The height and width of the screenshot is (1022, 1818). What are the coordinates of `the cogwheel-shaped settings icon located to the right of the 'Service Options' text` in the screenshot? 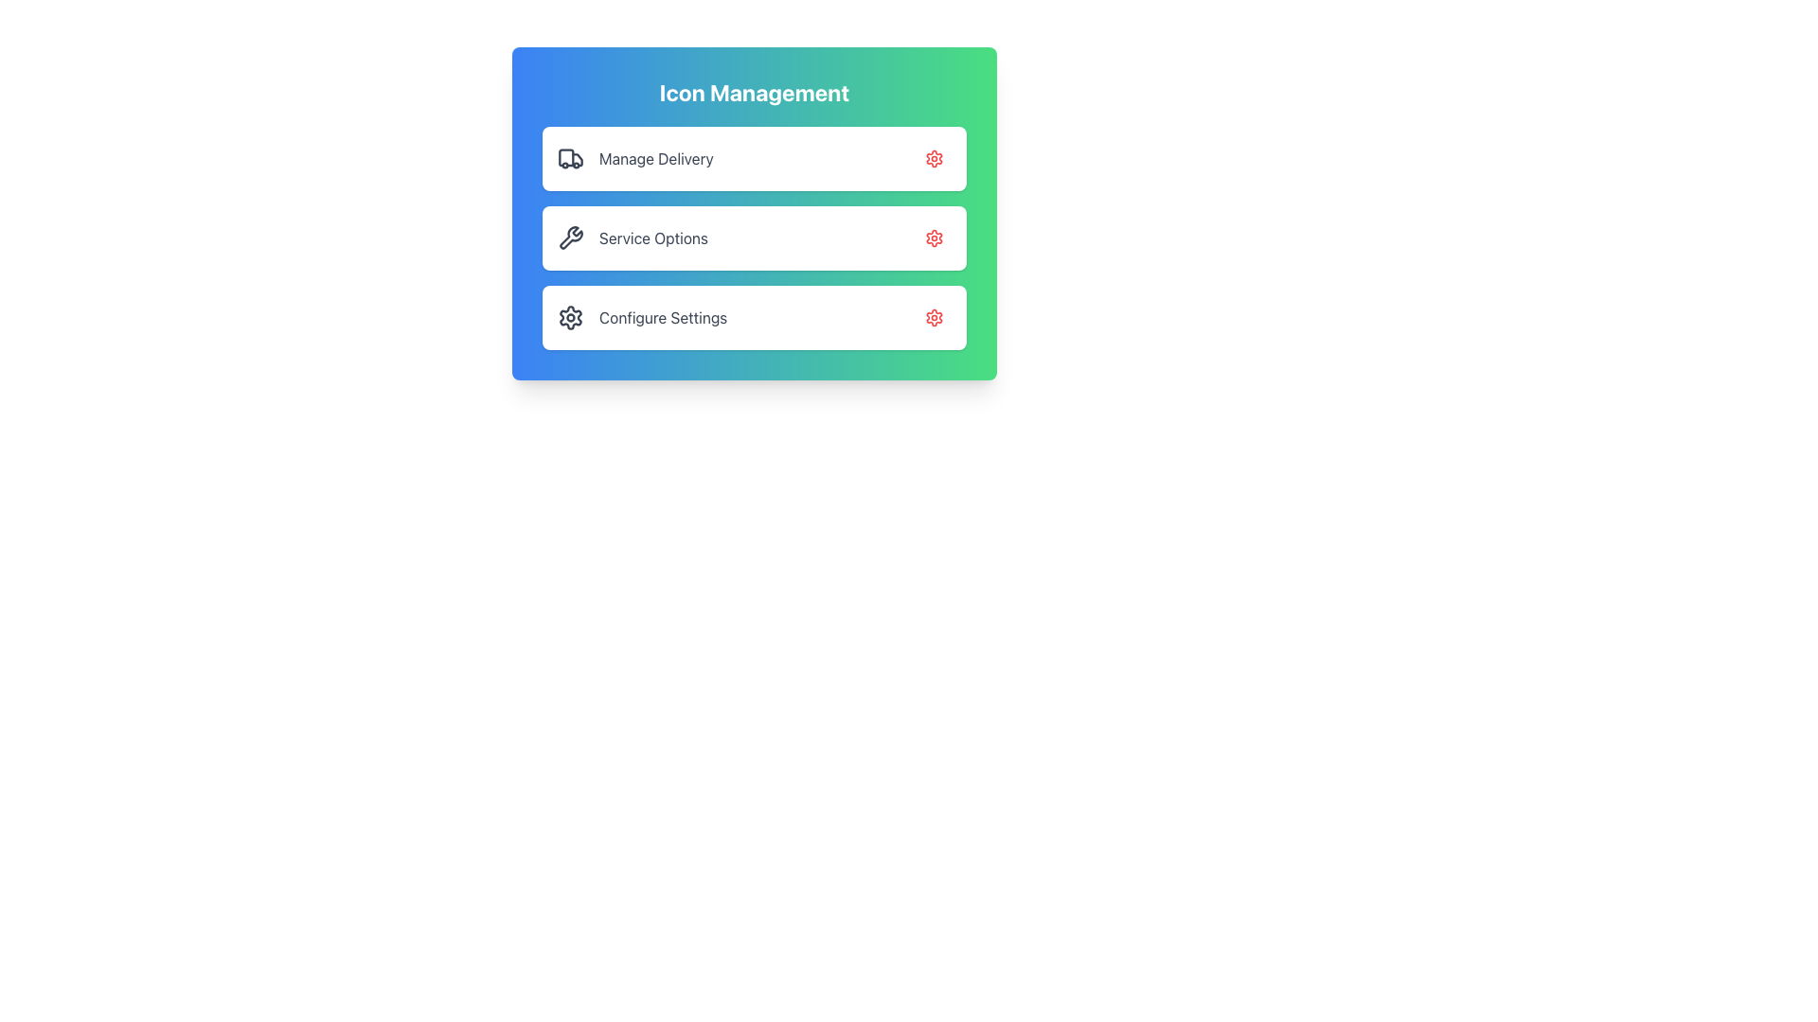 It's located at (935, 237).